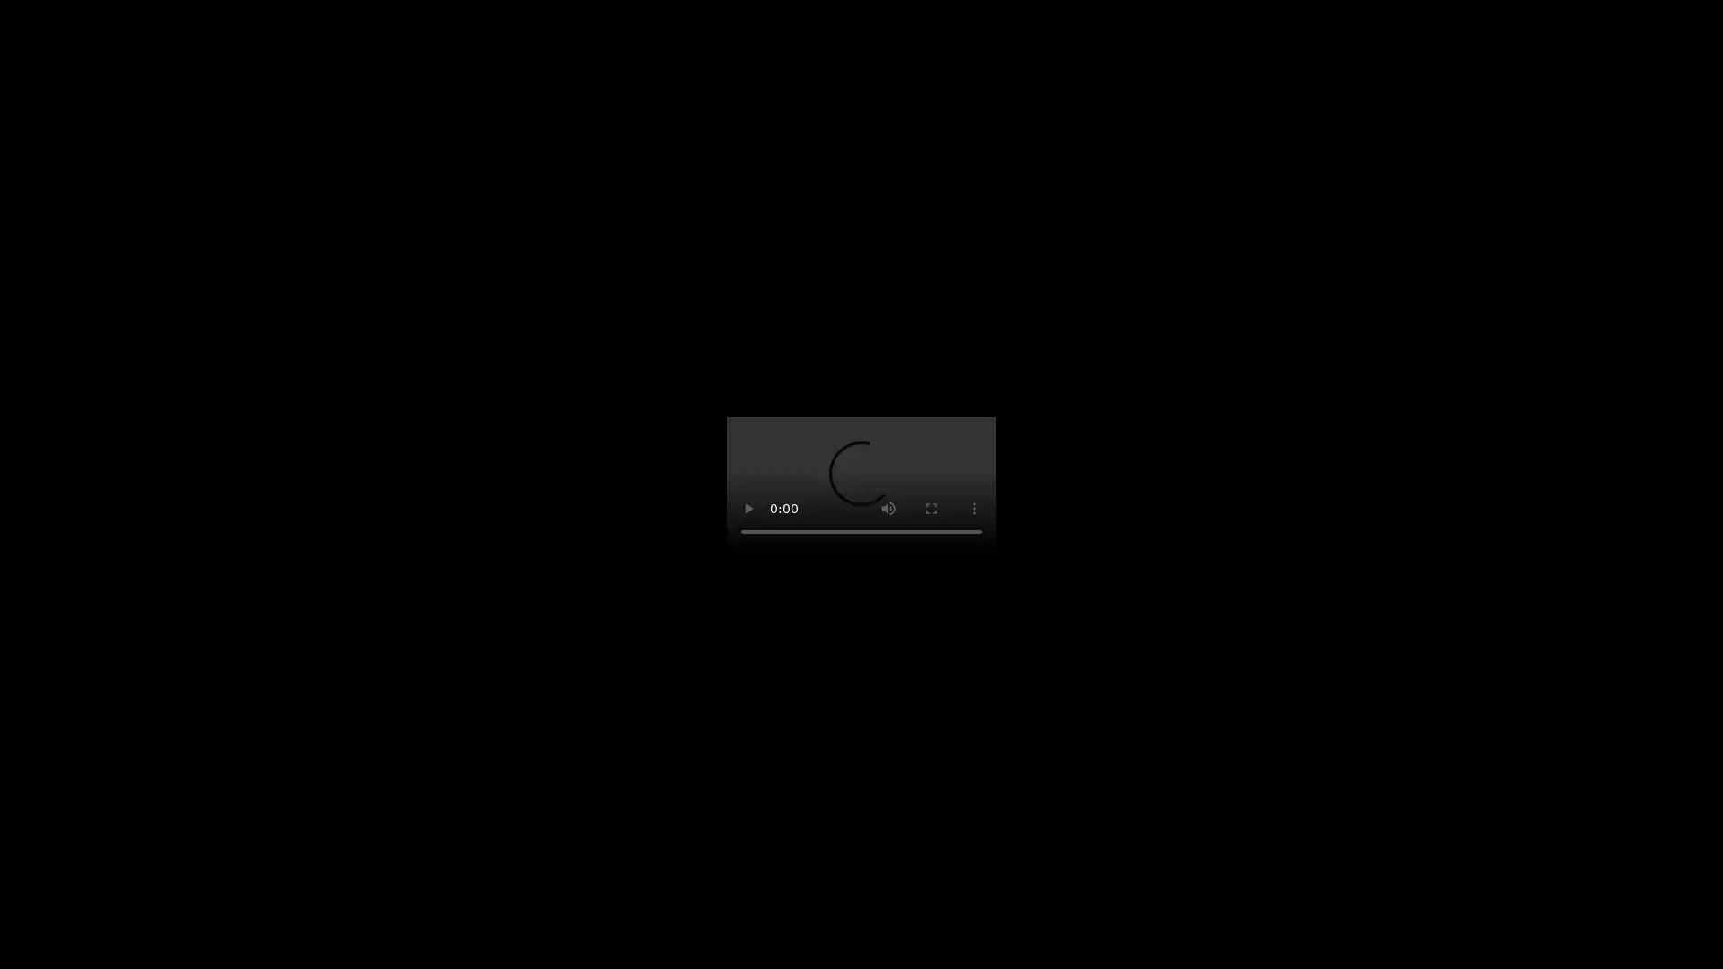  Describe the element at coordinates (931, 509) in the screenshot. I see `enter full screen` at that location.